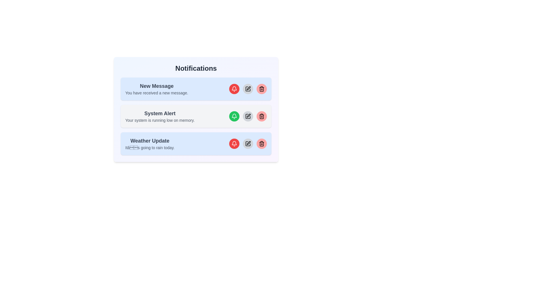 This screenshot has width=548, height=308. Describe the element at coordinates (261, 116) in the screenshot. I see `the delete button for the notification with the title System Alert` at that location.